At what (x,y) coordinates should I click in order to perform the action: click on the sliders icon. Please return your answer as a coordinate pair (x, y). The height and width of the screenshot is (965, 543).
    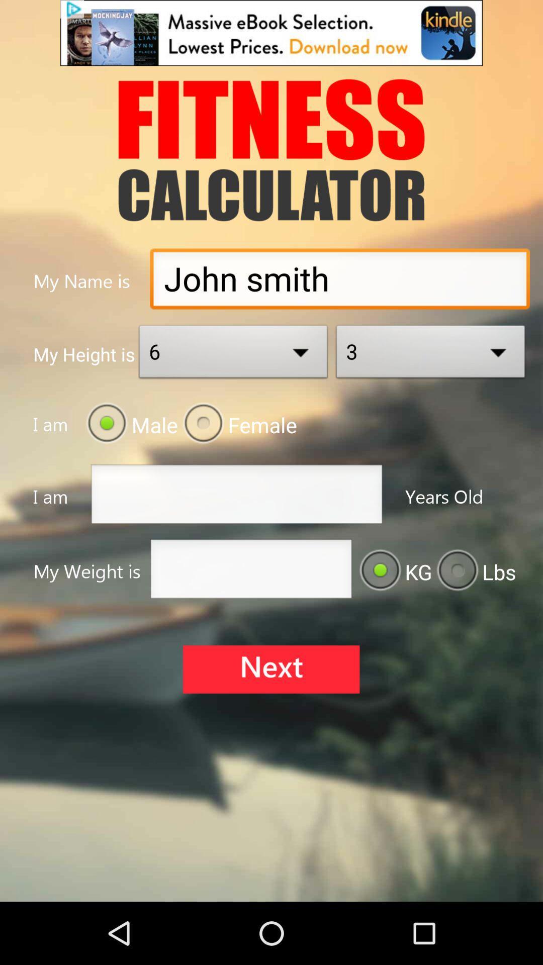
    Looking at the image, I should click on (270, 716).